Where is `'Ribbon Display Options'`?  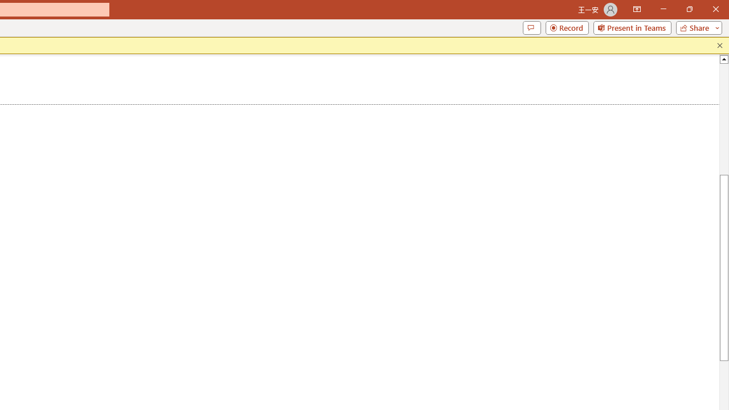
'Ribbon Display Options' is located at coordinates (636, 9).